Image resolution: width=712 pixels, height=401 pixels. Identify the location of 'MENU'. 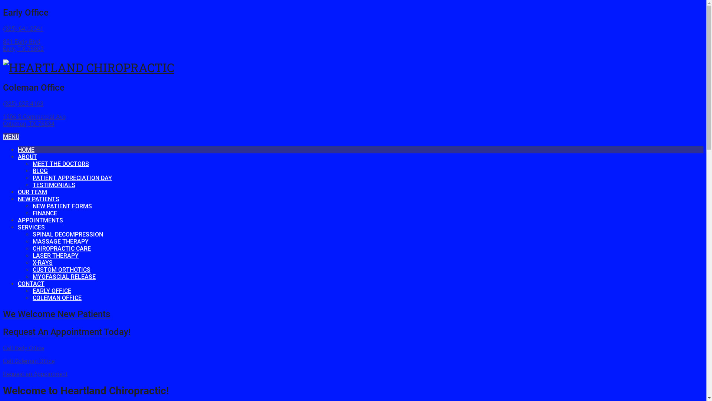
(11, 137).